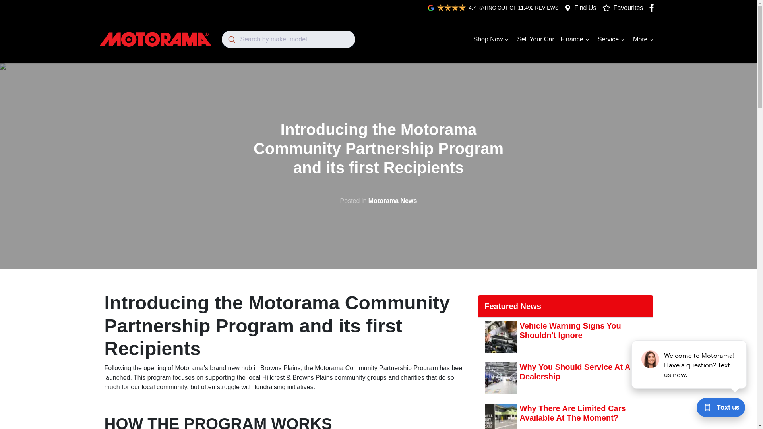 The image size is (763, 429). What do you see at coordinates (535, 39) in the screenshot?
I see `'Sell Your Car'` at bounding box center [535, 39].